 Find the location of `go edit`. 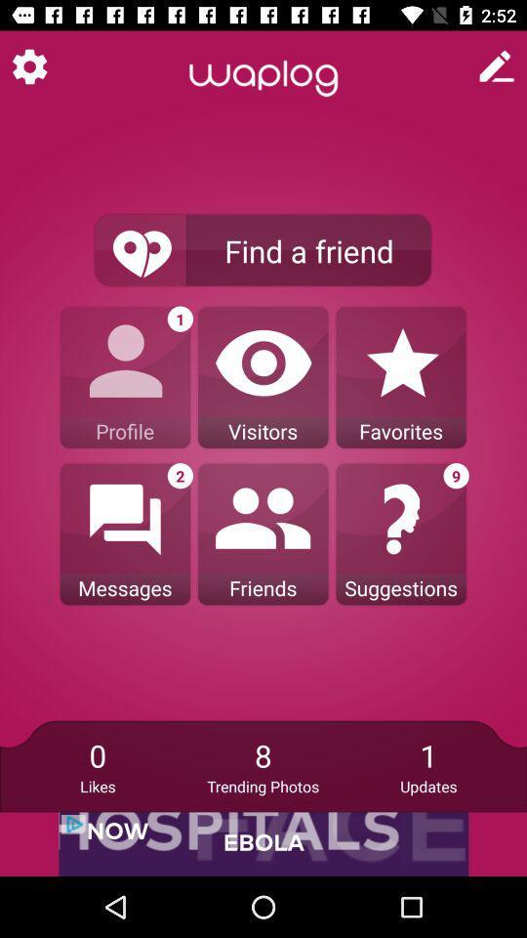

go edit is located at coordinates (497, 66).